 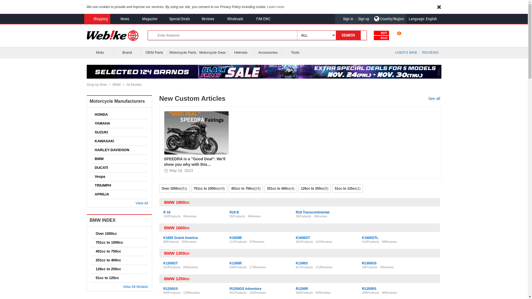 What do you see at coordinates (276, 7) in the screenshot?
I see `'Learn more'` at bounding box center [276, 7].